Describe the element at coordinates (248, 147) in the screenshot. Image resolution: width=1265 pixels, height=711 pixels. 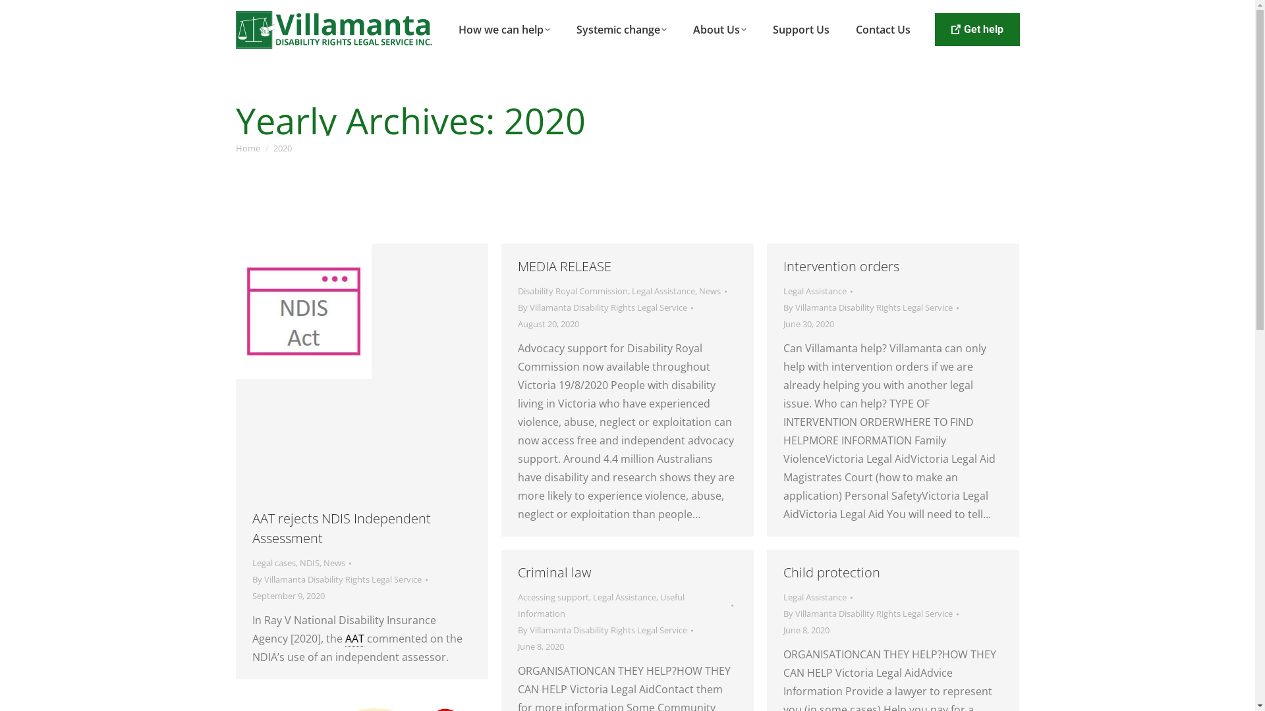
I see `'Home'` at that location.